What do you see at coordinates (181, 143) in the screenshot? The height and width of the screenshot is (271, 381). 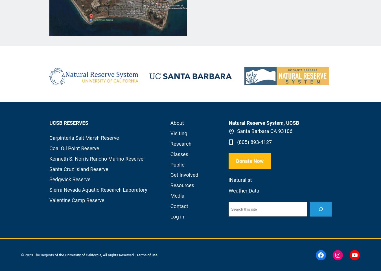 I see `'Research'` at bounding box center [181, 143].